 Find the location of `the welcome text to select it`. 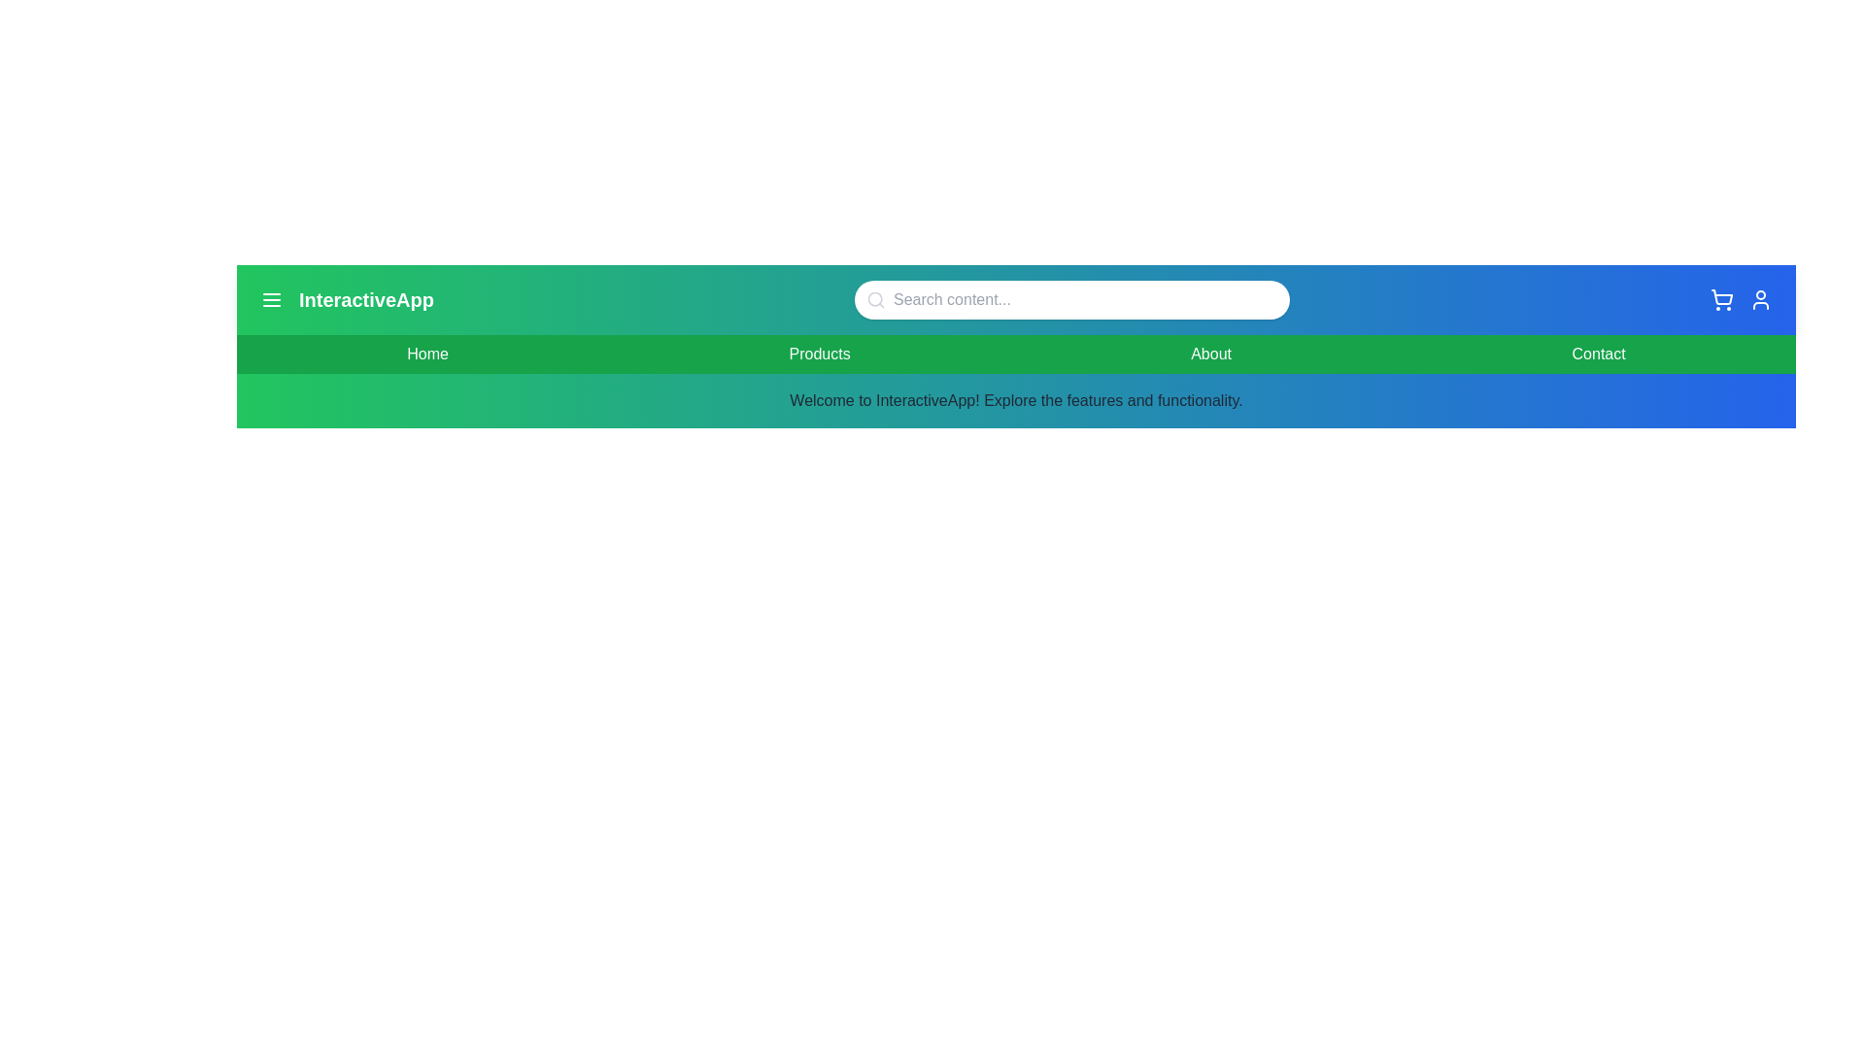

the welcome text to select it is located at coordinates (1015, 399).